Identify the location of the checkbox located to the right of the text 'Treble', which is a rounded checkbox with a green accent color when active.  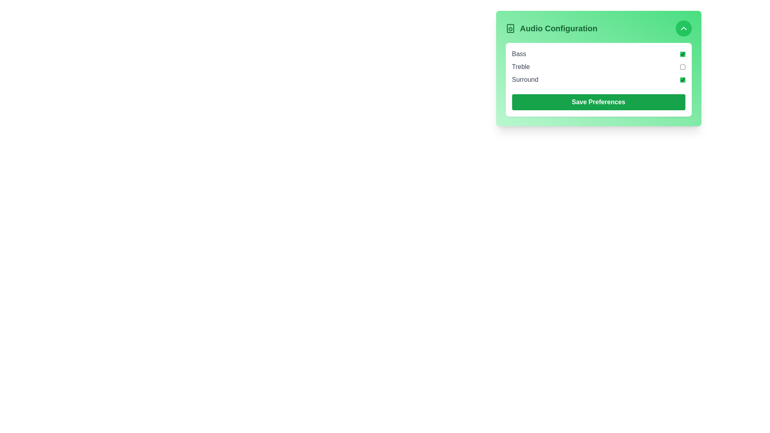
(682, 66).